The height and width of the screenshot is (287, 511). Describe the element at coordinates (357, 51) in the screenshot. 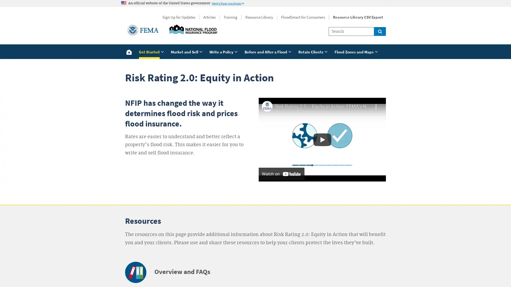

I see `Use <enter> and shift + <enter> to open and close the drop down to sub-menus` at that location.